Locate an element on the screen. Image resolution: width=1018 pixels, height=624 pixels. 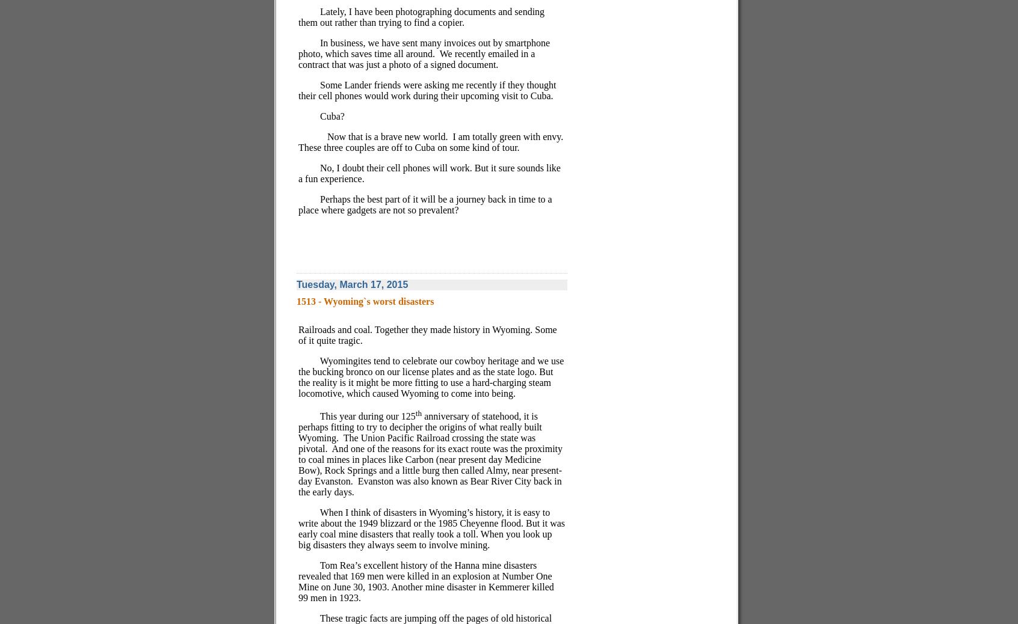
'Evanston was also
known as Bear River City back in the early days.' is located at coordinates (429, 486).